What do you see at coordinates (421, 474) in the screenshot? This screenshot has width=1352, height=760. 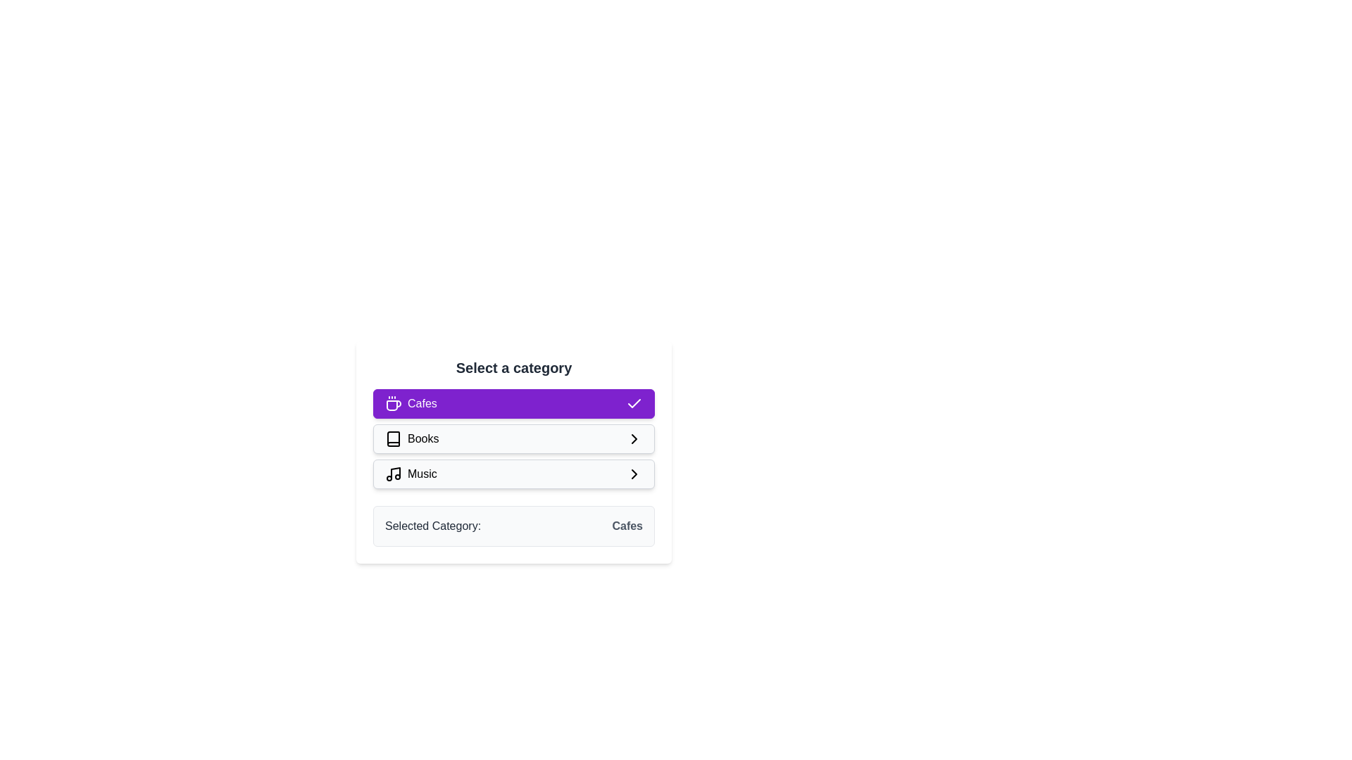 I see `the 'Music' category label, which is the third item in the list below the heading 'Select a category'` at bounding box center [421, 474].